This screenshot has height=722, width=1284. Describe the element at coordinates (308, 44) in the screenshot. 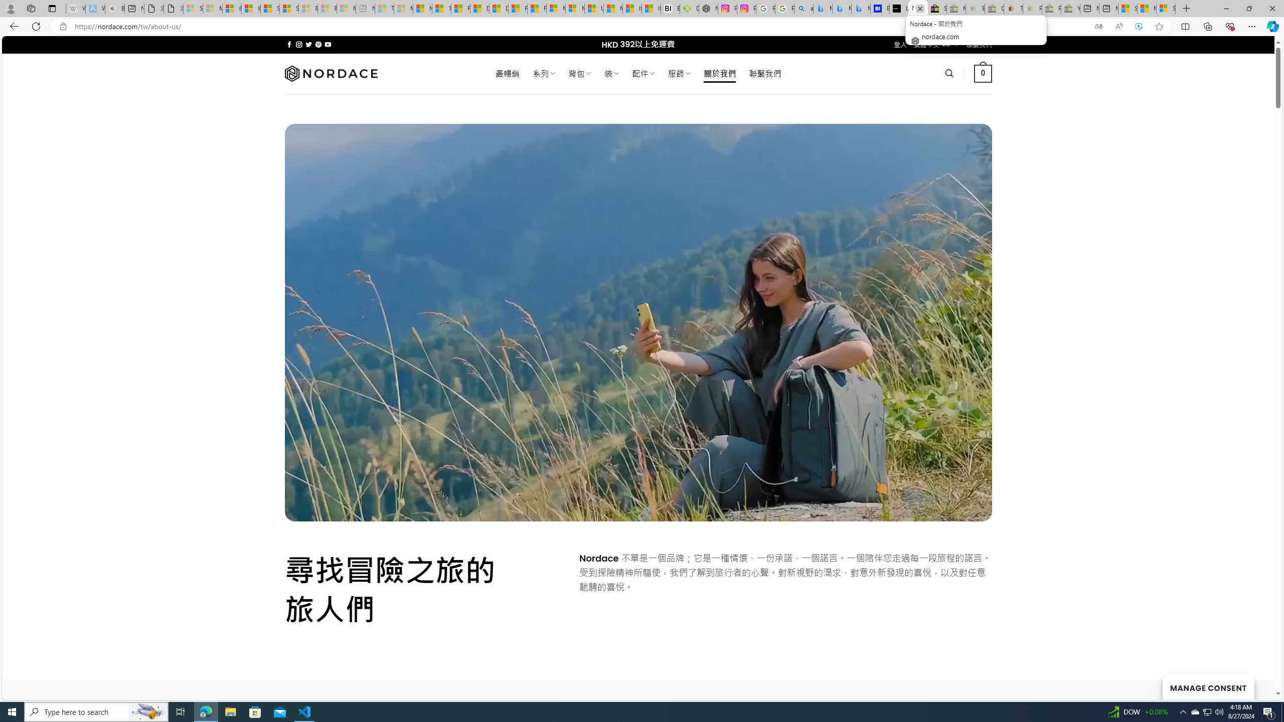

I see `'Follow on Twitter'` at that location.